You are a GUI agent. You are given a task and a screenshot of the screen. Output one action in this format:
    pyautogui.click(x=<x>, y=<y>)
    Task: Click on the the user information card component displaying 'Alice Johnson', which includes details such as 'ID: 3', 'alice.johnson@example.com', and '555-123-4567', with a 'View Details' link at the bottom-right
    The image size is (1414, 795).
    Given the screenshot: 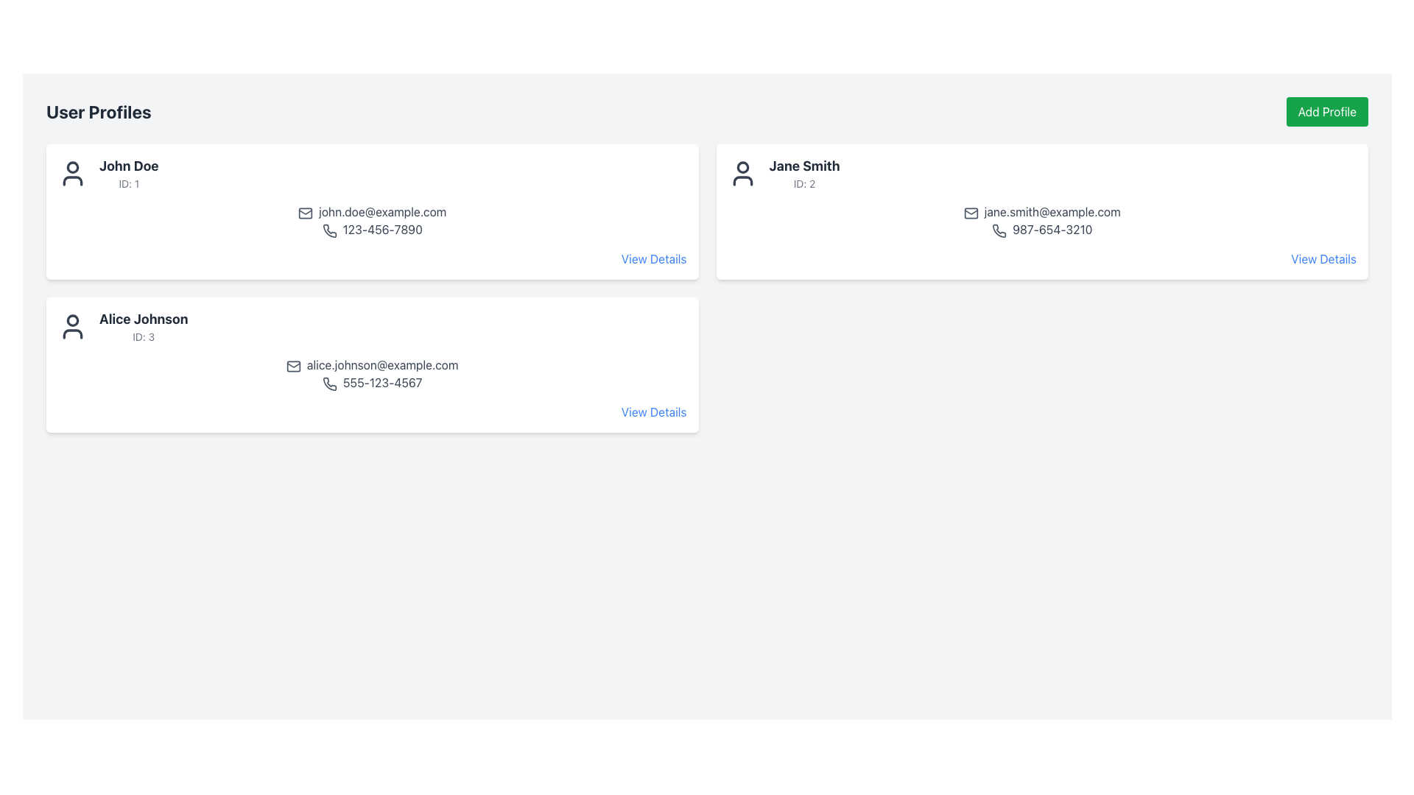 What is the action you would take?
    pyautogui.click(x=372, y=364)
    